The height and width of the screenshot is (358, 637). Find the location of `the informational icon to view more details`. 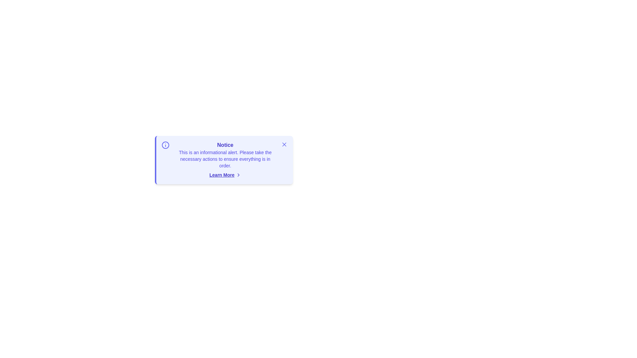

the informational icon to view more details is located at coordinates (166, 145).